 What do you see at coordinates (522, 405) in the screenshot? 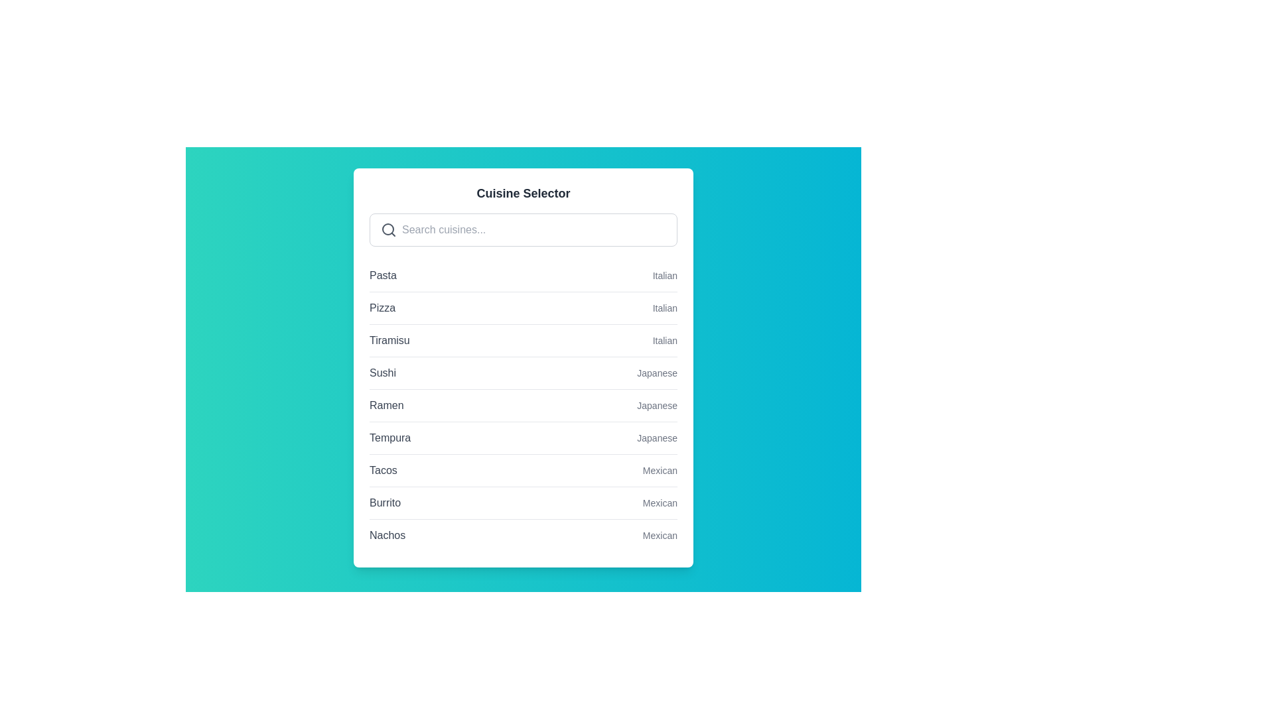
I see `to select the fifth entry in the 'Cuisine Selector' list, which displays 'Ramen' (Japanese) as a menu item` at bounding box center [522, 405].